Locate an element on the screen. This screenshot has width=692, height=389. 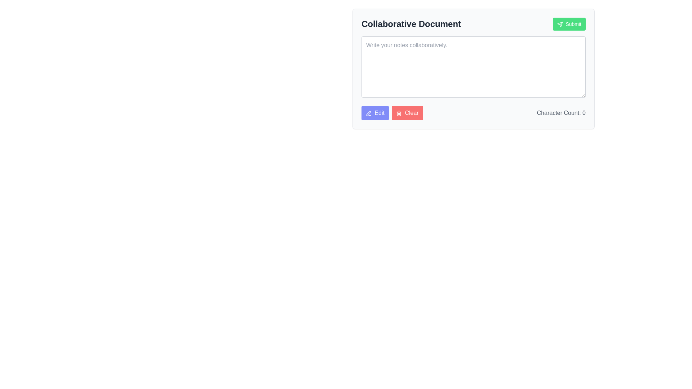
the text label displaying 'Character Count: 0', located to the bottom-right of the document interface, near the 'Edit' and 'Clear' buttons is located at coordinates (561, 113).